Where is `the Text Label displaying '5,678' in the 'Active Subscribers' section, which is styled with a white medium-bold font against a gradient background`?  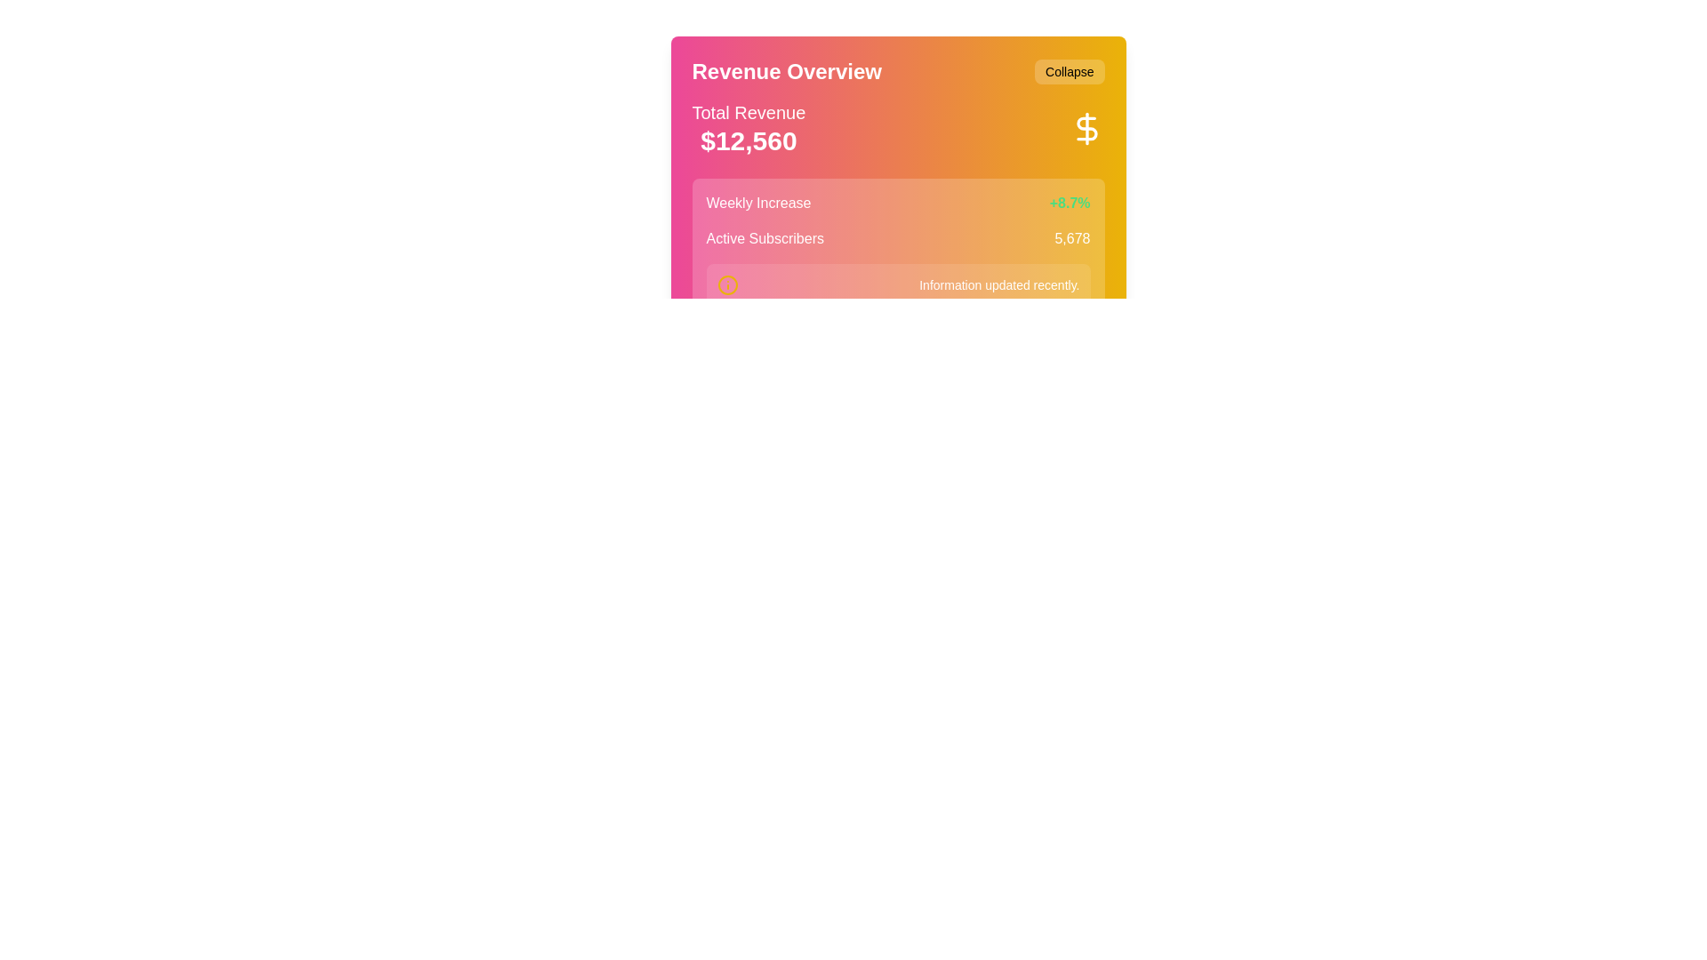
the Text Label displaying '5,678' in the 'Active Subscribers' section, which is styled with a white medium-bold font against a gradient background is located at coordinates (1071, 238).